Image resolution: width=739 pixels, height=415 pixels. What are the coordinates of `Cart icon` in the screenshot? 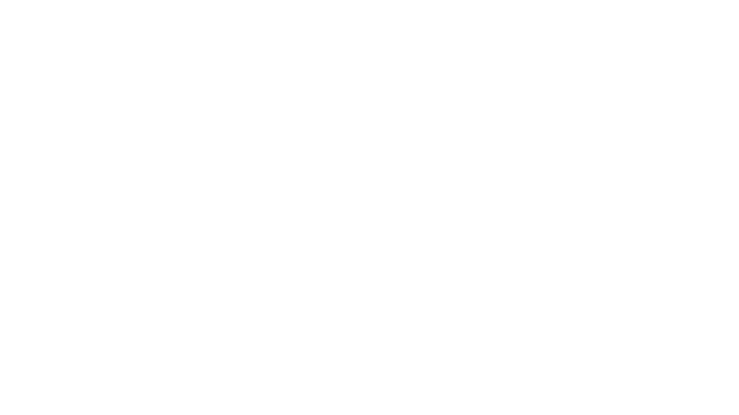 It's located at (600, 33).